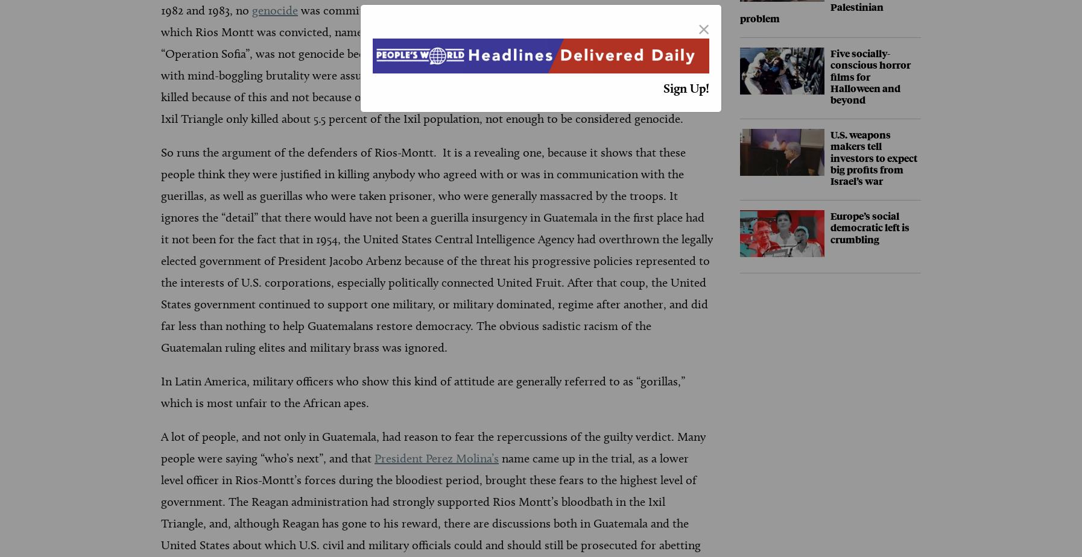  I want to click on 'was committed. The killing of perhaps 40,000 people overall, and the crime for which Rios Montt was convicted, namely the murder 1,771 of people of the Ixil Maya ethnic group in “Operation Sofia”, was not genocide because the women, children and old people who were slaughtered with mind-boggling brutality were assumed to be providing support for the guerillas in the forests and were killed because of this and not because of their ethnicity. Besides, the army unleashed by Rios-Montt on the Ixil Triangle only killed about 5.5 percent of the Ixil population, not enough to be considered genocide.', so click(437, 64).